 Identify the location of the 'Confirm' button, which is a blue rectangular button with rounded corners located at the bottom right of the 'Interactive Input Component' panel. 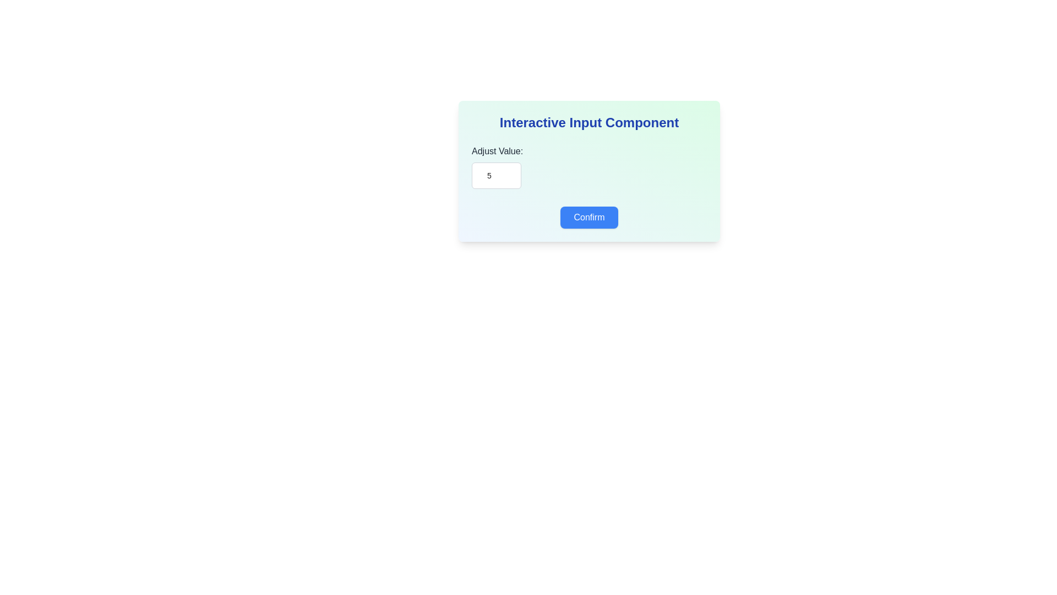
(589, 217).